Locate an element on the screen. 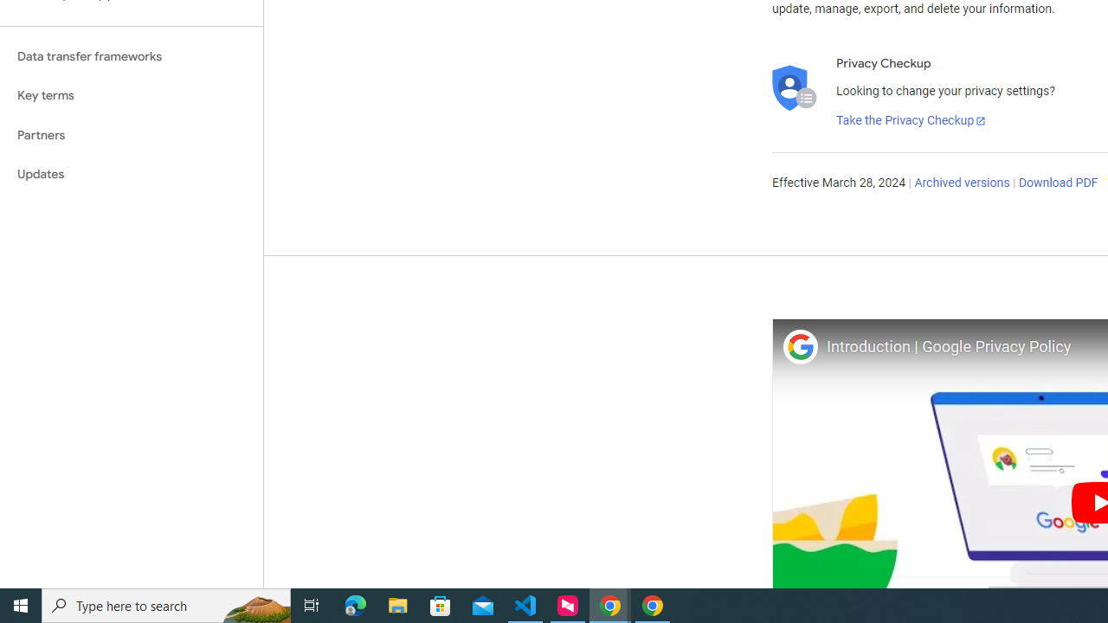 The image size is (1108, 623). 'Download PDF' is located at coordinates (1057, 183).